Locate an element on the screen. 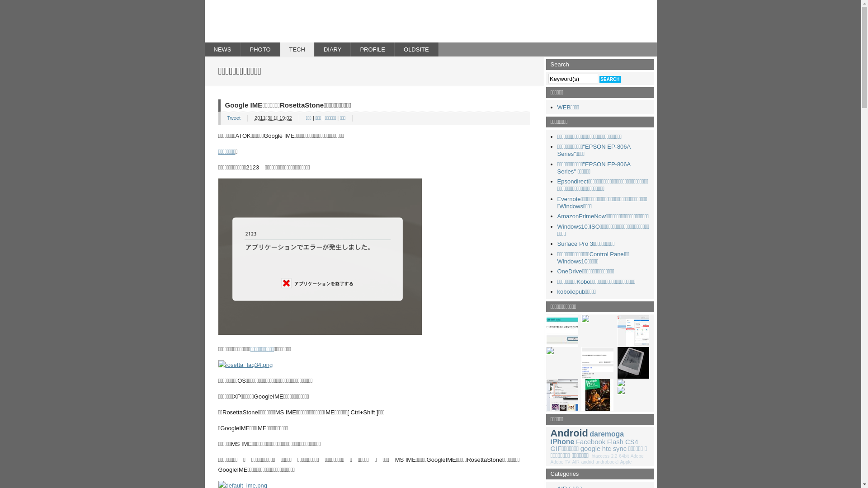  'PHOTO' is located at coordinates (241, 49).